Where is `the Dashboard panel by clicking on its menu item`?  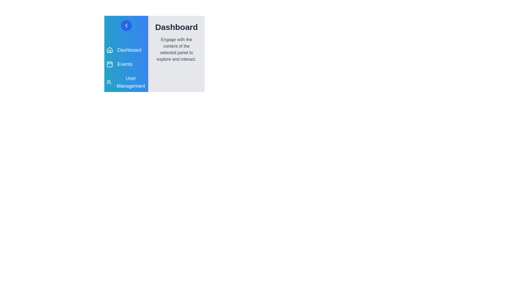
the Dashboard panel by clicking on its menu item is located at coordinates (126, 50).